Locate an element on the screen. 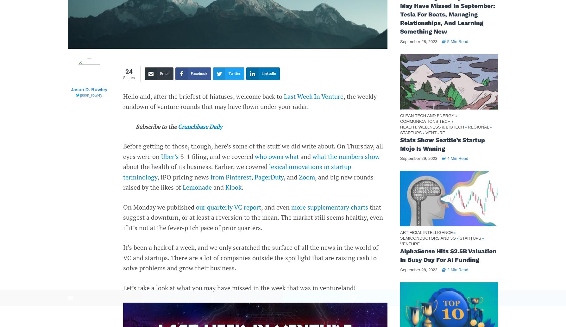 This screenshot has height=327, width=566. 'jason_rowley' is located at coordinates (91, 95).